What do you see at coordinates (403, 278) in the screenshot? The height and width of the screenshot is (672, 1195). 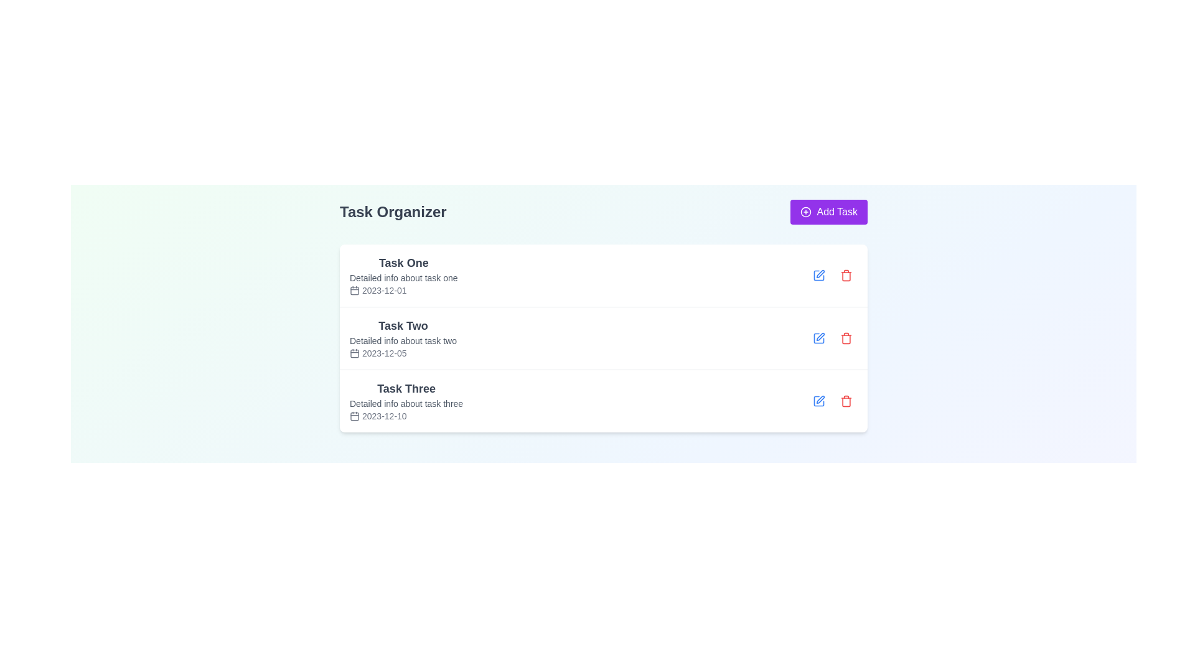 I see `the Text Label that provides additional details about 'Task One', which is centrally aligned below the task title` at bounding box center [403, 278].